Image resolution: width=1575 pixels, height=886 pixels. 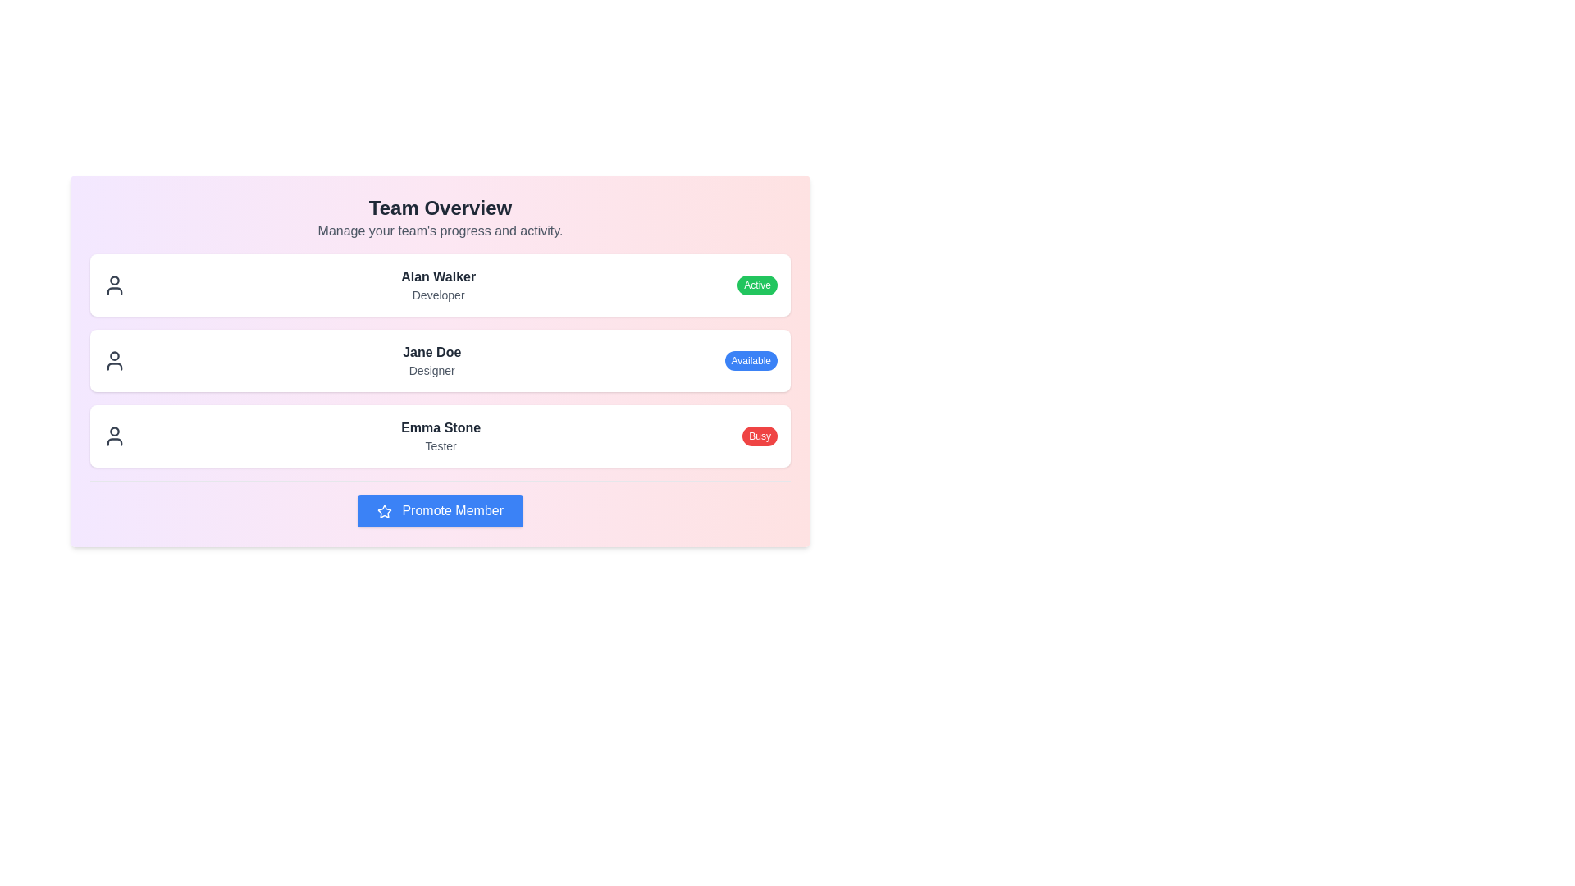 What do you see at coordinates (441, 359) in the screenshot?
I see `the list item for 'Jane Doe', a team member displayed in the 'Team Overview' section, which contains the role 'Designer' and a status badge 'Available'` at bounding box center [441, 359].